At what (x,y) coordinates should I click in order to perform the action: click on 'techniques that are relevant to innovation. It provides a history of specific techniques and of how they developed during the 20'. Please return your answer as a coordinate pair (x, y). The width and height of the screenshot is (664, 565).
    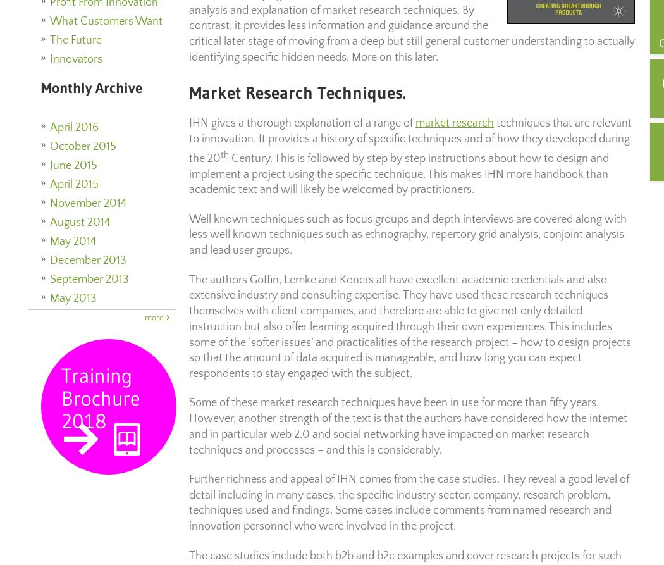
    Looking at the image, I should click on (410, 140).